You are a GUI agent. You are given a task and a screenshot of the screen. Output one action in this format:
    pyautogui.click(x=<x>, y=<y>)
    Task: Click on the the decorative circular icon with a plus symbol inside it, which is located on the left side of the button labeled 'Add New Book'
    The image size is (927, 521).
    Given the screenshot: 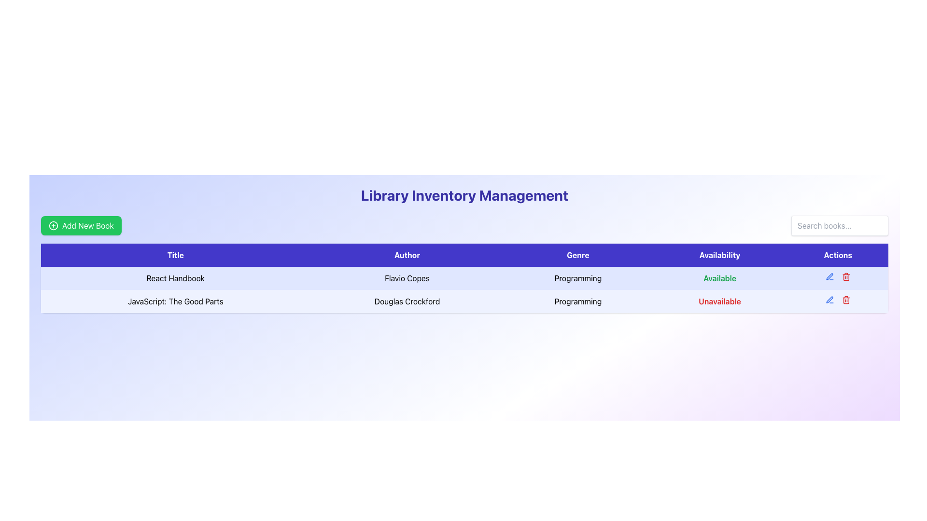 What is the action you would take?
    pyautogui.click(x=53, y=225)
    